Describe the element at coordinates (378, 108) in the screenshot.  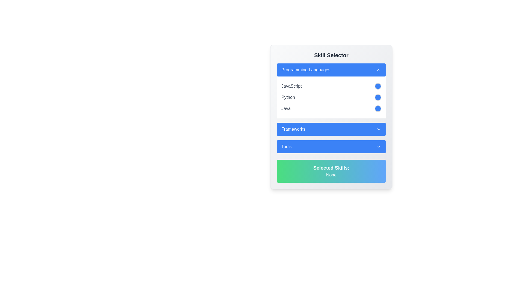
I see `the button located to the far right of the 'Java' text in the third row of the skill selector interface` at that location.